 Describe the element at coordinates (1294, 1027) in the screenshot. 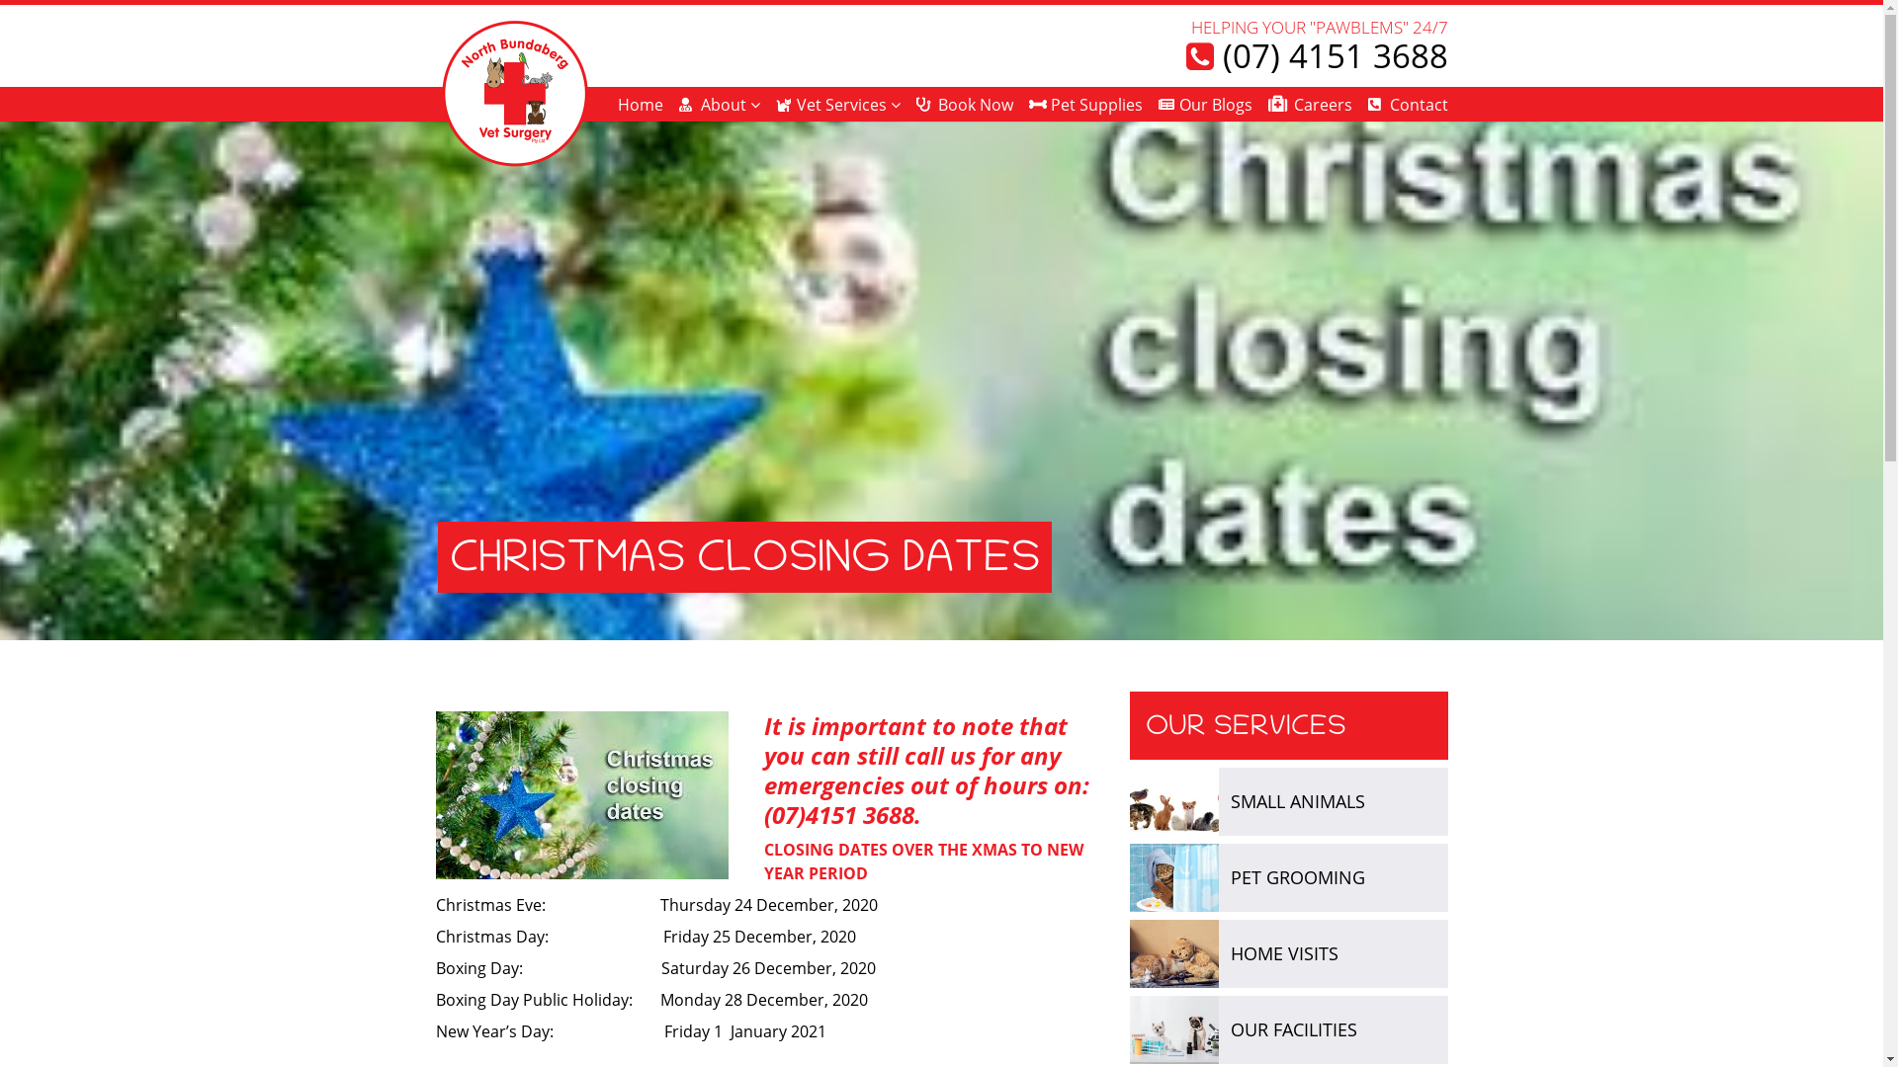

I see `'OUR FACILITIES'` at that location.